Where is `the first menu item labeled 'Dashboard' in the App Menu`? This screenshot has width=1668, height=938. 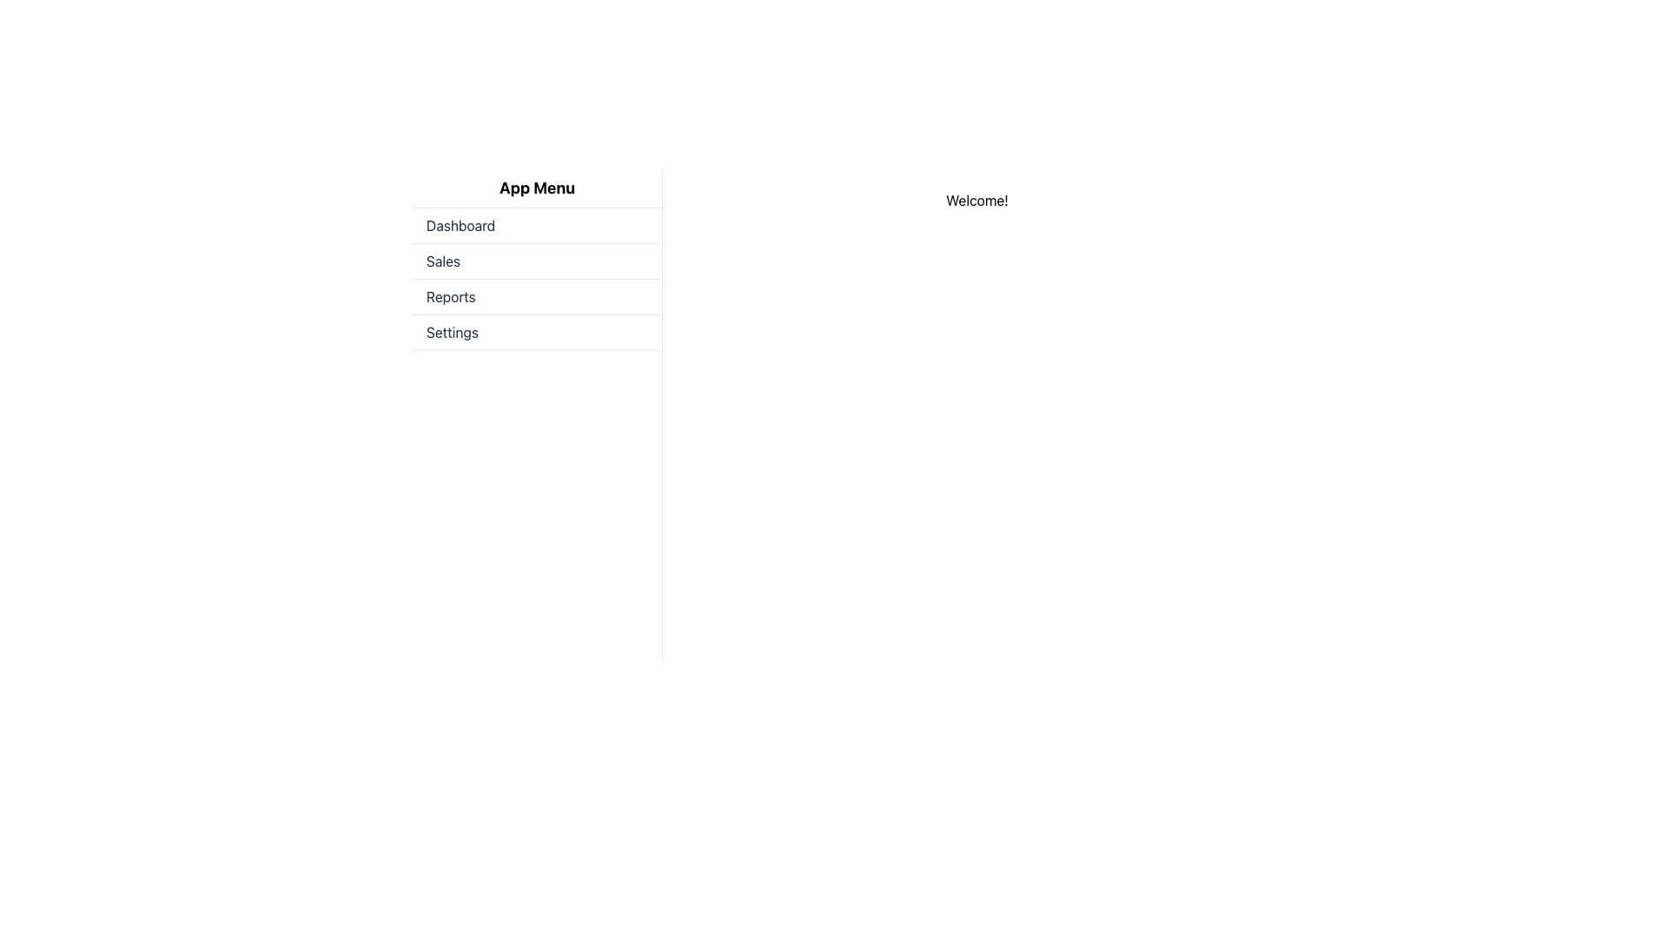 the first menu item labeled 'Dashboard' in the App Menu is located at coordinates (536, 225).